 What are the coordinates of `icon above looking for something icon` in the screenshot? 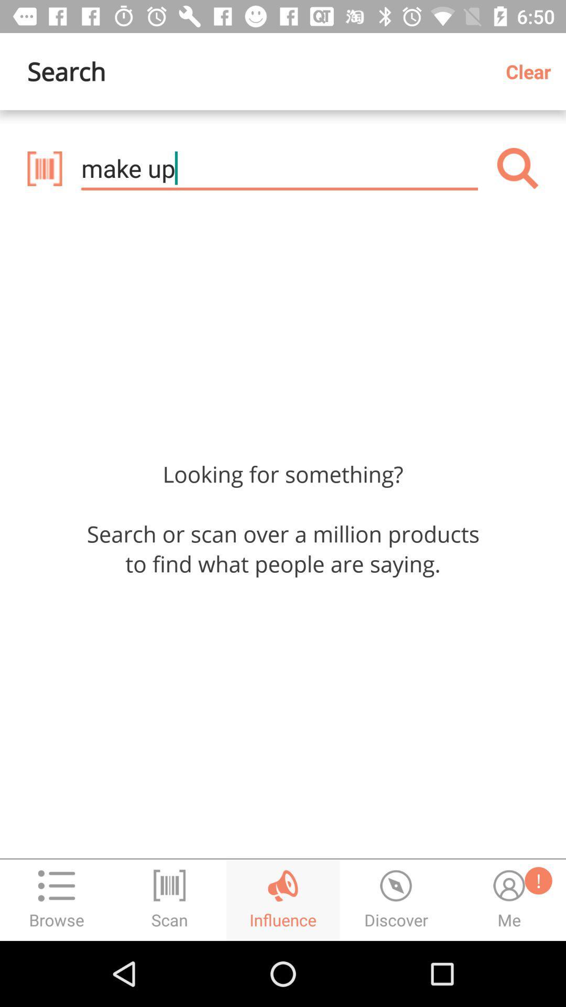 It's located at (44, 168).